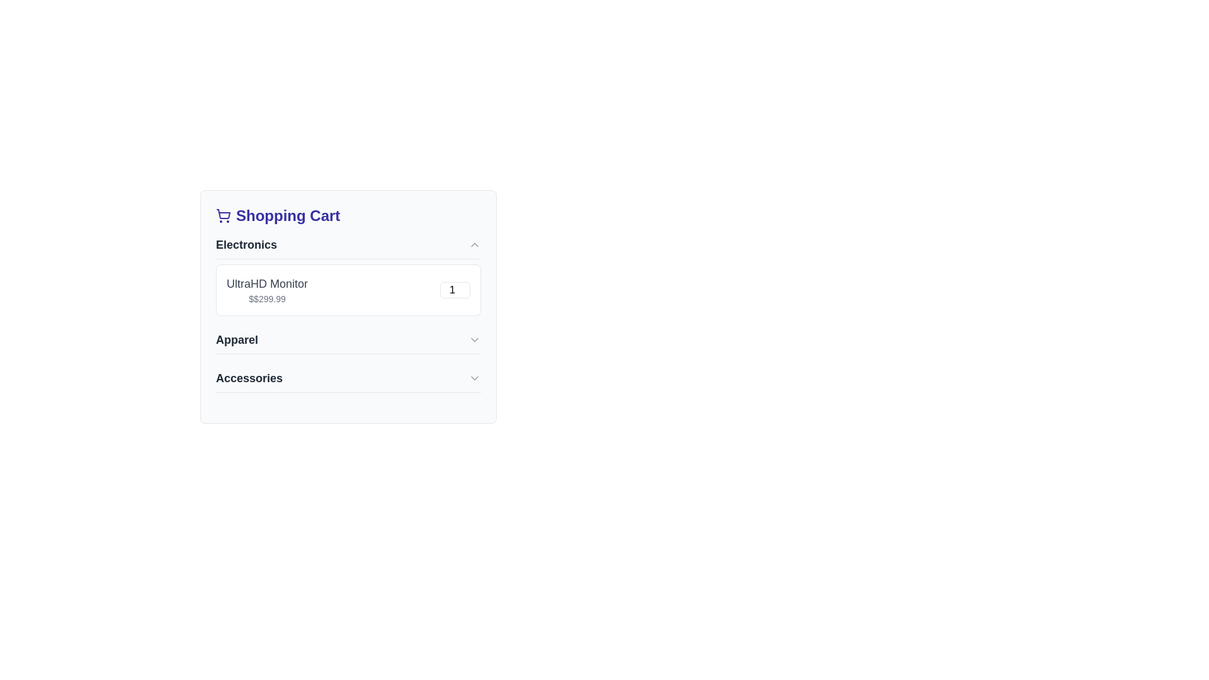 The height and width of the screenshot is (680, 1209). I want to click on the shopping cart icon, which is a minimalistic design located to the left of the 'Shopping Cart' text, so click(224, 215).